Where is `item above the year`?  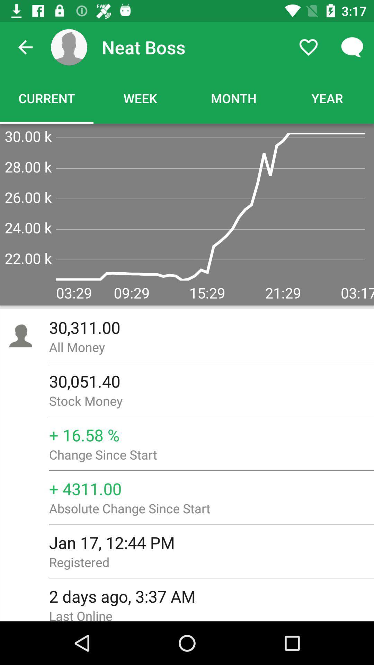 item above the year is located at coordinates (352, 47).